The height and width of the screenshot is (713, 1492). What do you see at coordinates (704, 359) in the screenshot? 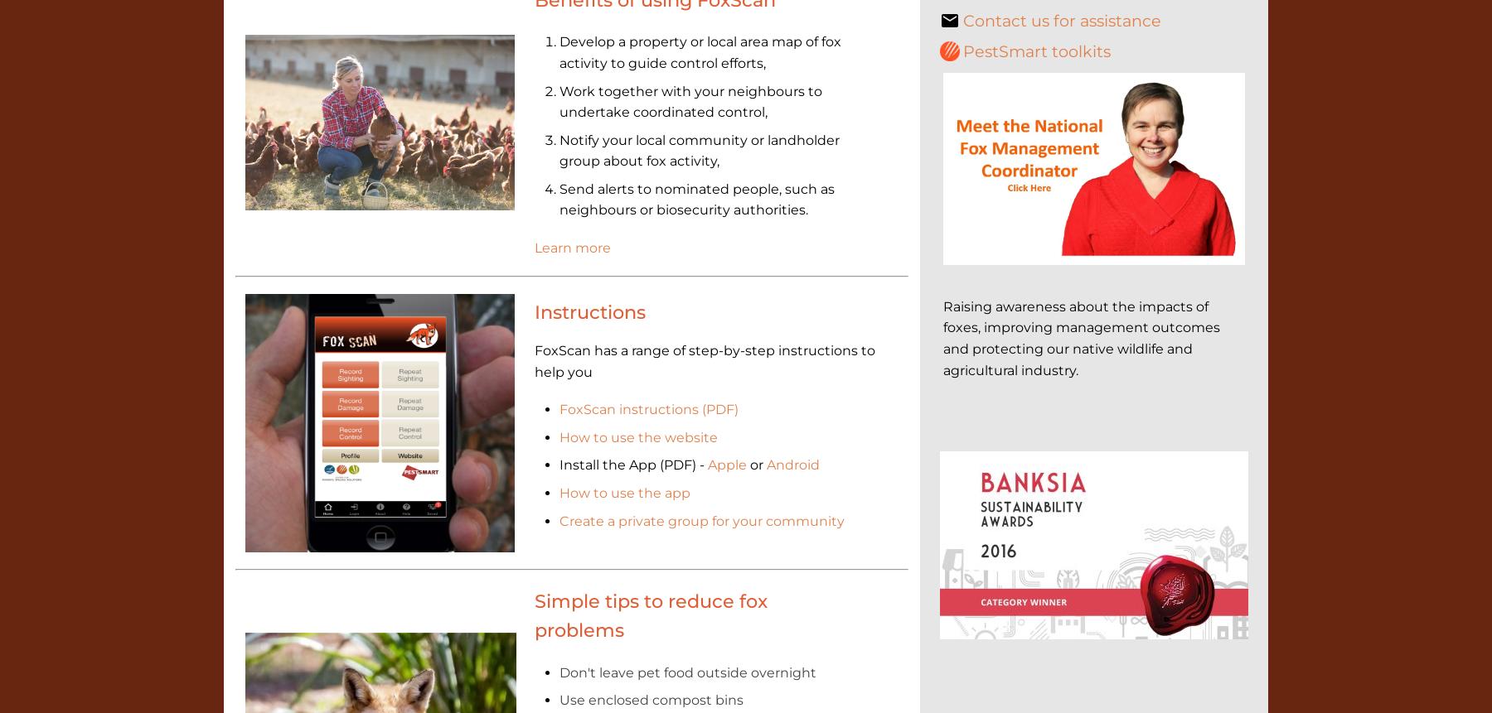
I see `'FoxScan has a range of step-by-step instructions to help you'` at bounding box center [704, 359].